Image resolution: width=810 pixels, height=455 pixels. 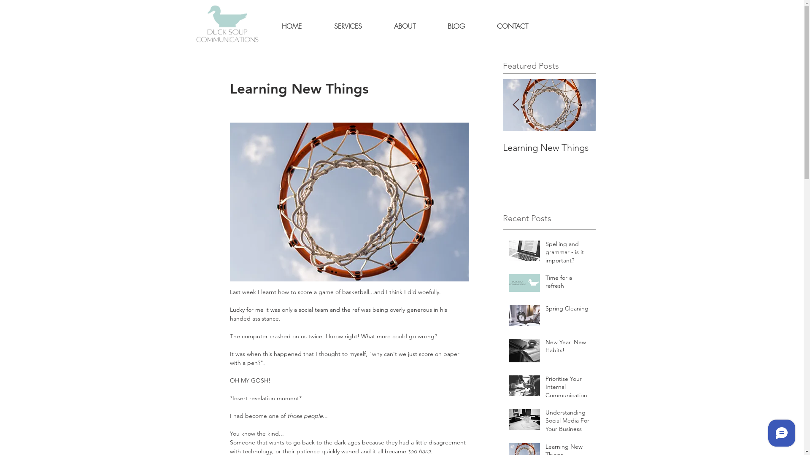 What do you see at coordinates (85, 147) in the screenshot?
I see `'Time for a refresh'` at bounding box center [85, 147].